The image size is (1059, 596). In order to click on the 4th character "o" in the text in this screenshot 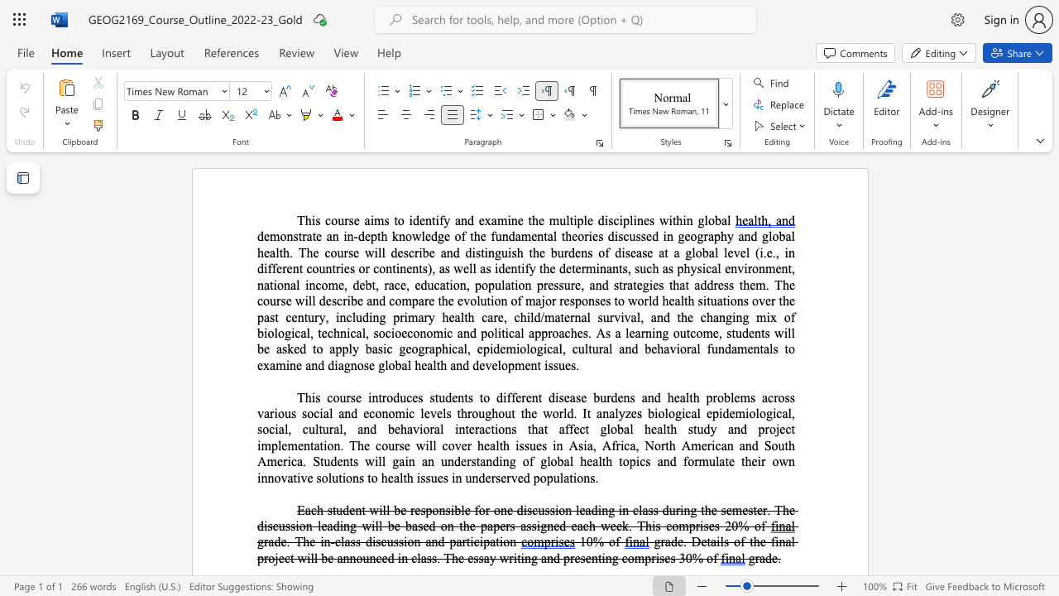, I will do `click(391, 364)`.